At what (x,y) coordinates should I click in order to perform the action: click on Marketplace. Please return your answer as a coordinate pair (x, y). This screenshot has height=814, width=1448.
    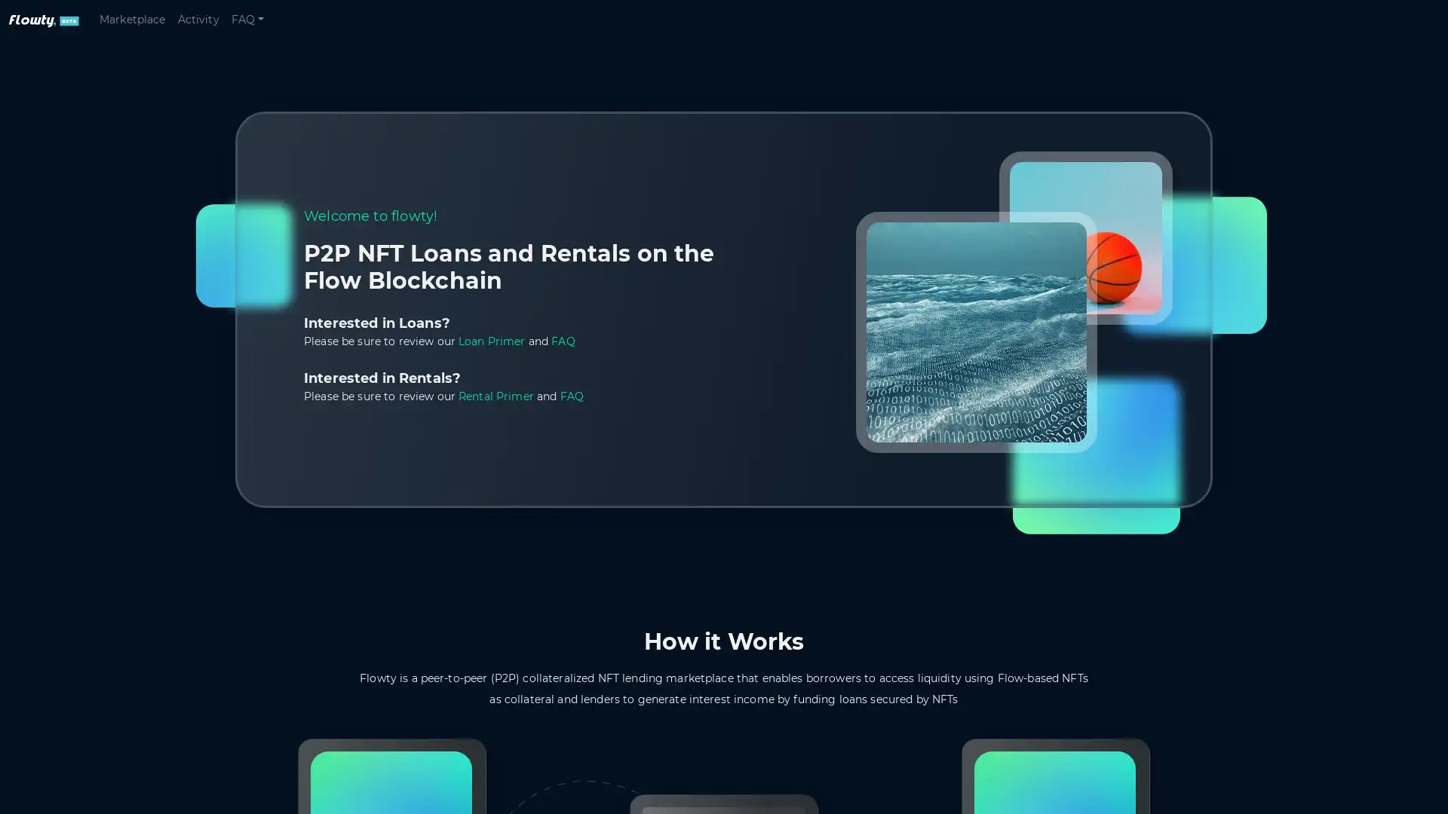
    Looking at the image, I should click on (132, 24).